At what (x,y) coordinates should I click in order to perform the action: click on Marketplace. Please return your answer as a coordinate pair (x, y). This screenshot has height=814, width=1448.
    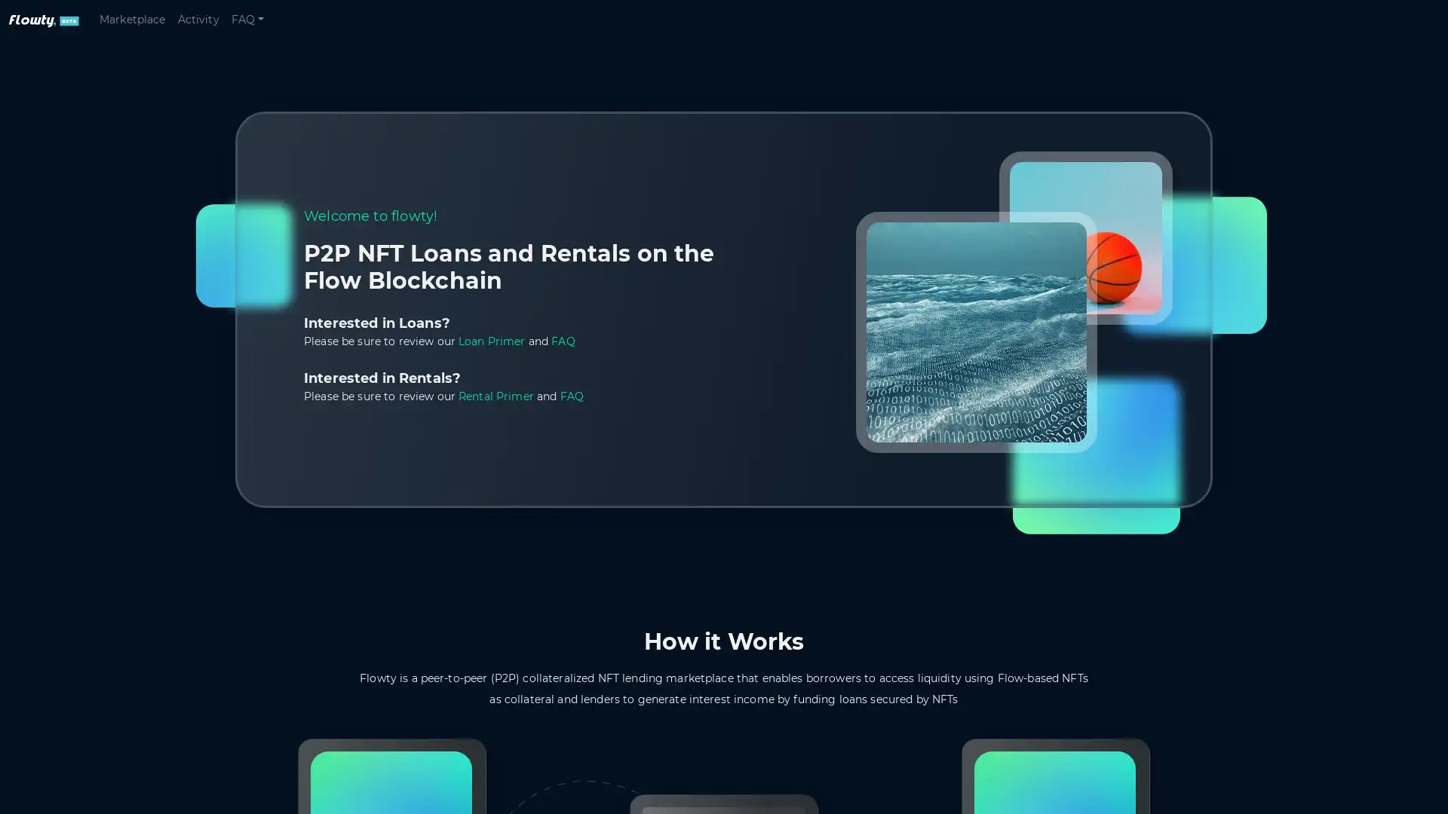
    Looking at the image, I should click on (132, 24).